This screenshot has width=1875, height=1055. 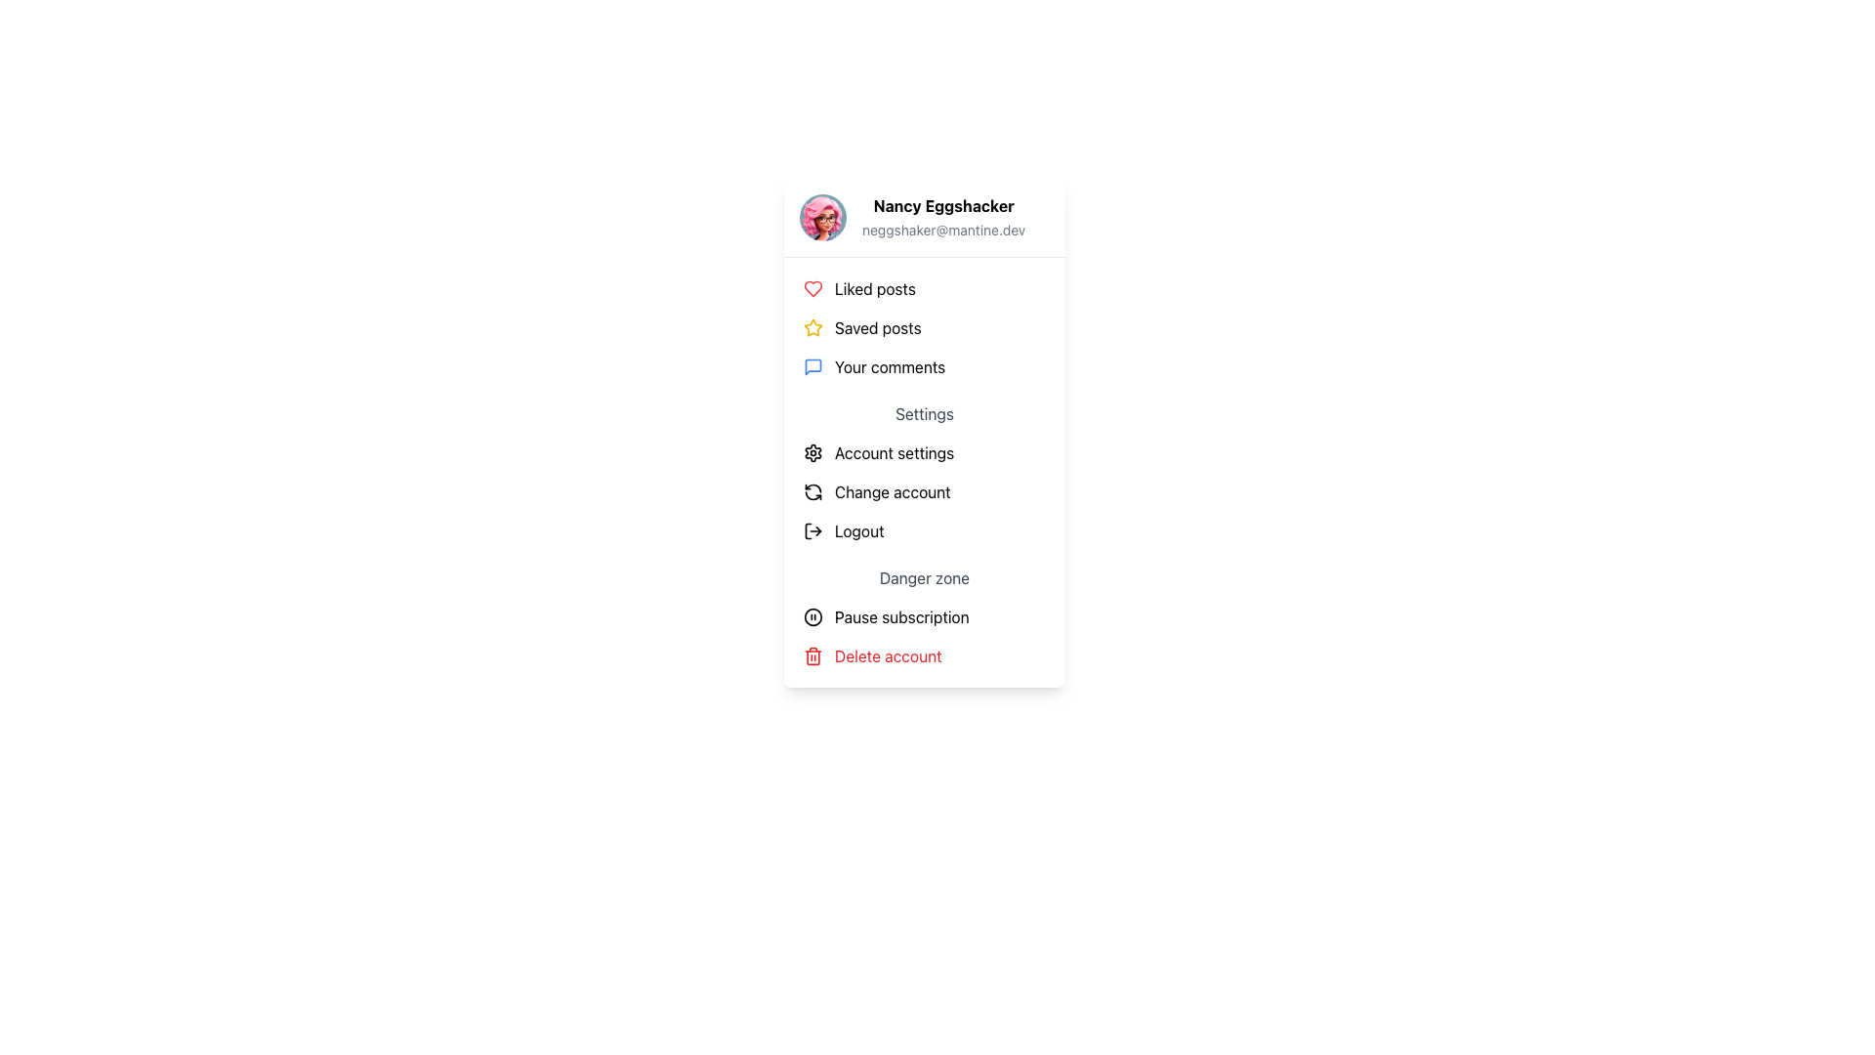 I want to click on the second button in the 'Danger zone' section, so click(x=923, y=655).